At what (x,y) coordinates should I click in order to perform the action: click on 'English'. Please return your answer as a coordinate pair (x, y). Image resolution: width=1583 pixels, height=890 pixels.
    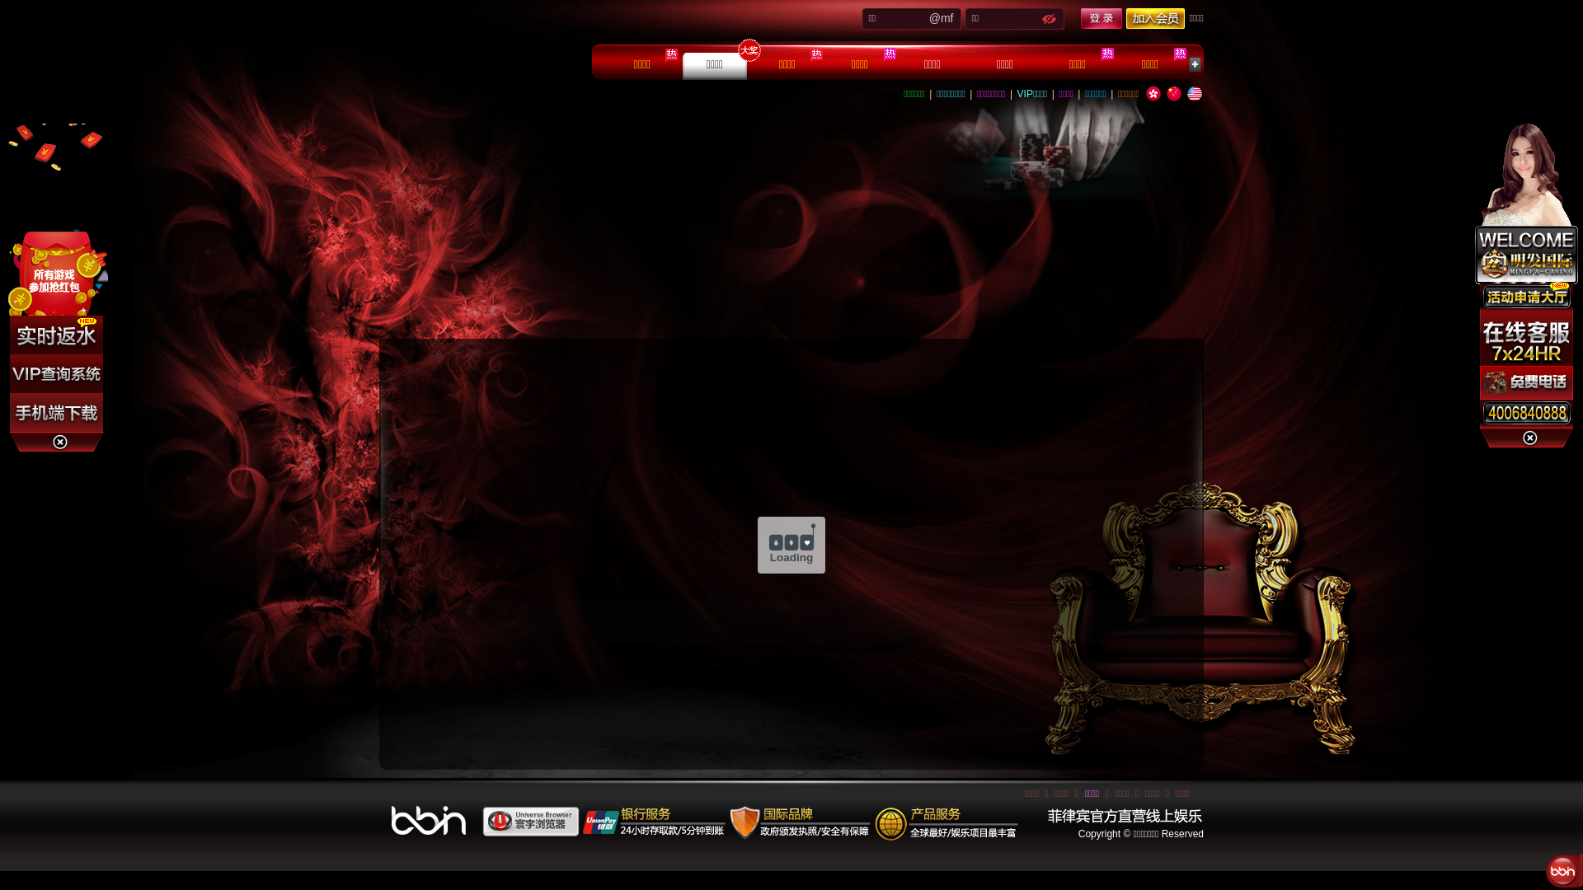
    Looking at the image, I should click on (1195, 94).